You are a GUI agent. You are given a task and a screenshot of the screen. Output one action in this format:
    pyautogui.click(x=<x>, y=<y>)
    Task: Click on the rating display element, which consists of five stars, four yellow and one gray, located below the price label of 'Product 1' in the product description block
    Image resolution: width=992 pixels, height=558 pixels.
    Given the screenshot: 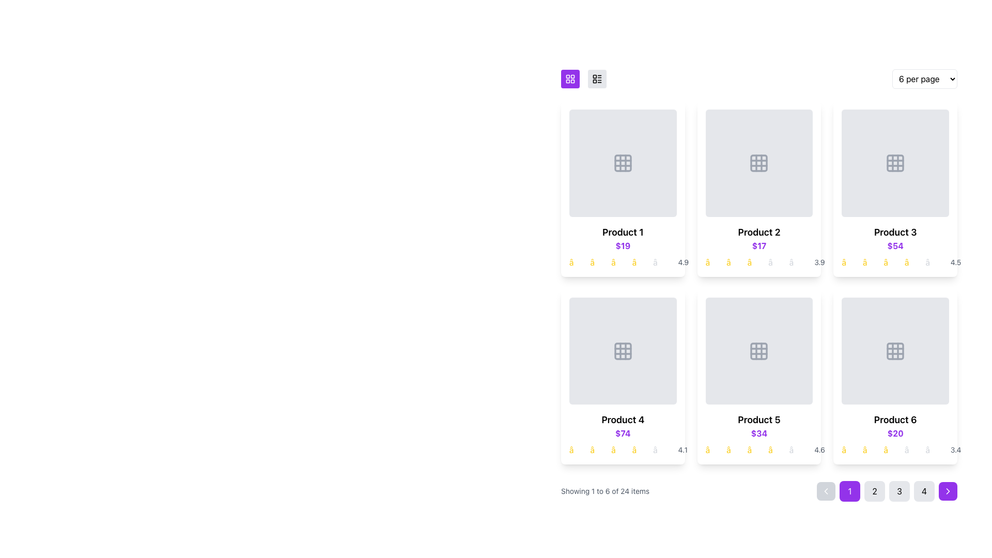 What is the action you would take?
    pyautogui.click(x=621, y=261)
    